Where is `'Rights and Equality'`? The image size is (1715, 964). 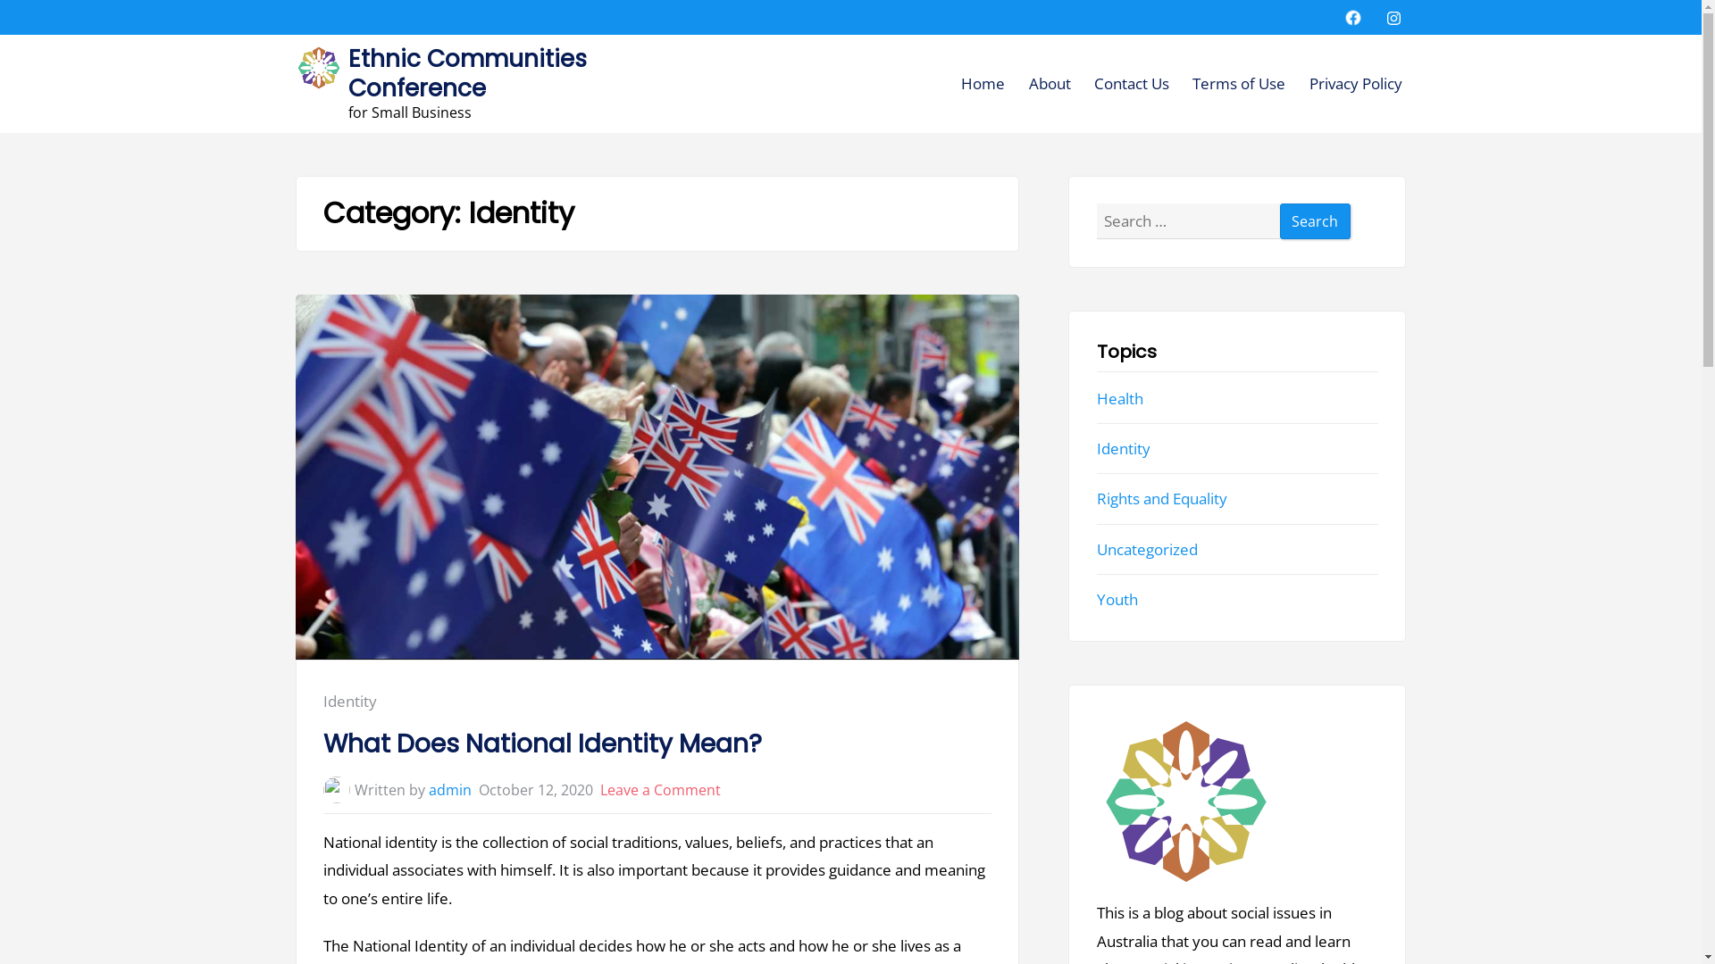
'Rights and Equality' is located at coordinates (1161, 498).